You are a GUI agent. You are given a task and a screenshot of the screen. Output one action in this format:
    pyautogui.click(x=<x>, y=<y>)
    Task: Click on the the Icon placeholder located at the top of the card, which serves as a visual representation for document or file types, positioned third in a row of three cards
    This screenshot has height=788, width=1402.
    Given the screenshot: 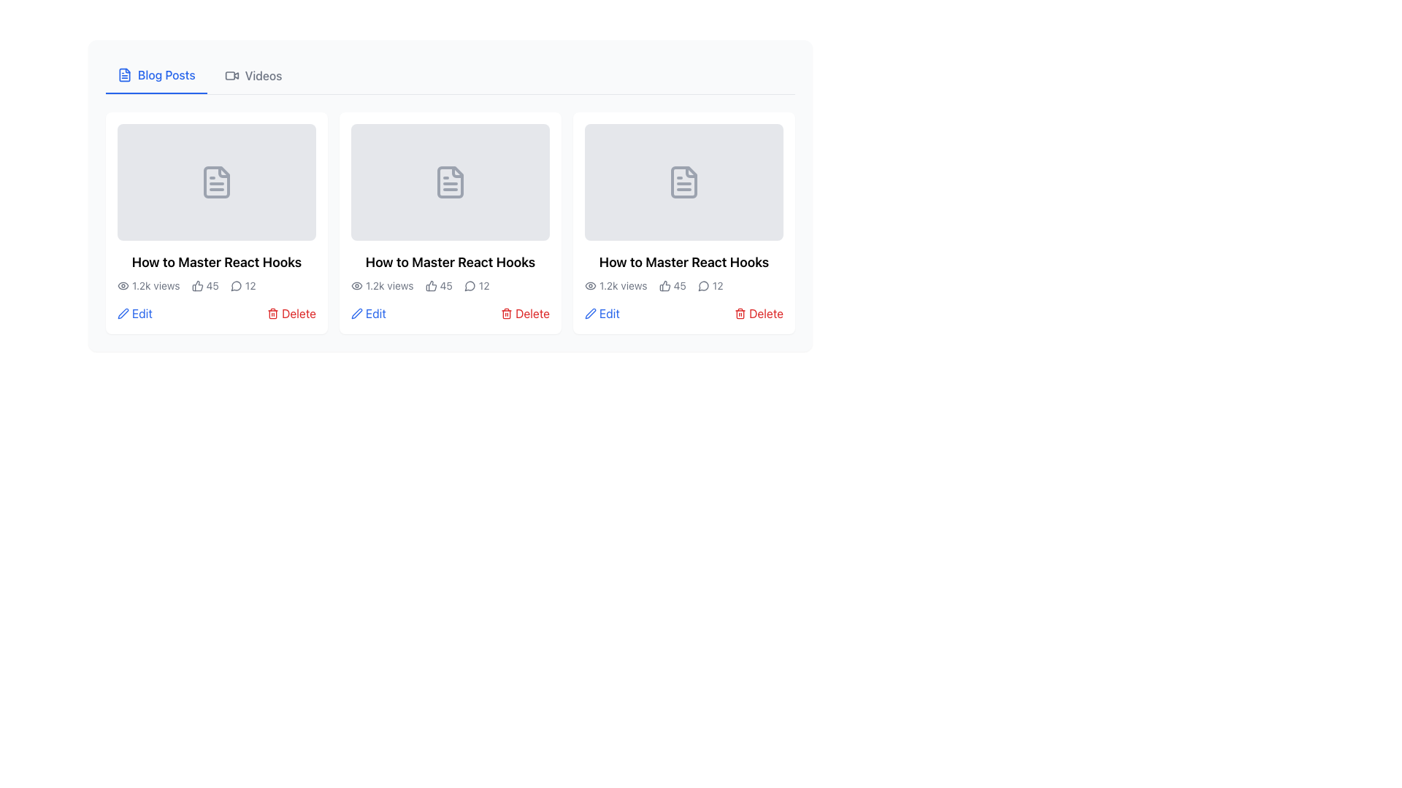 What is the action you would take?
    pyautogui.click(x=683, y=182)
    